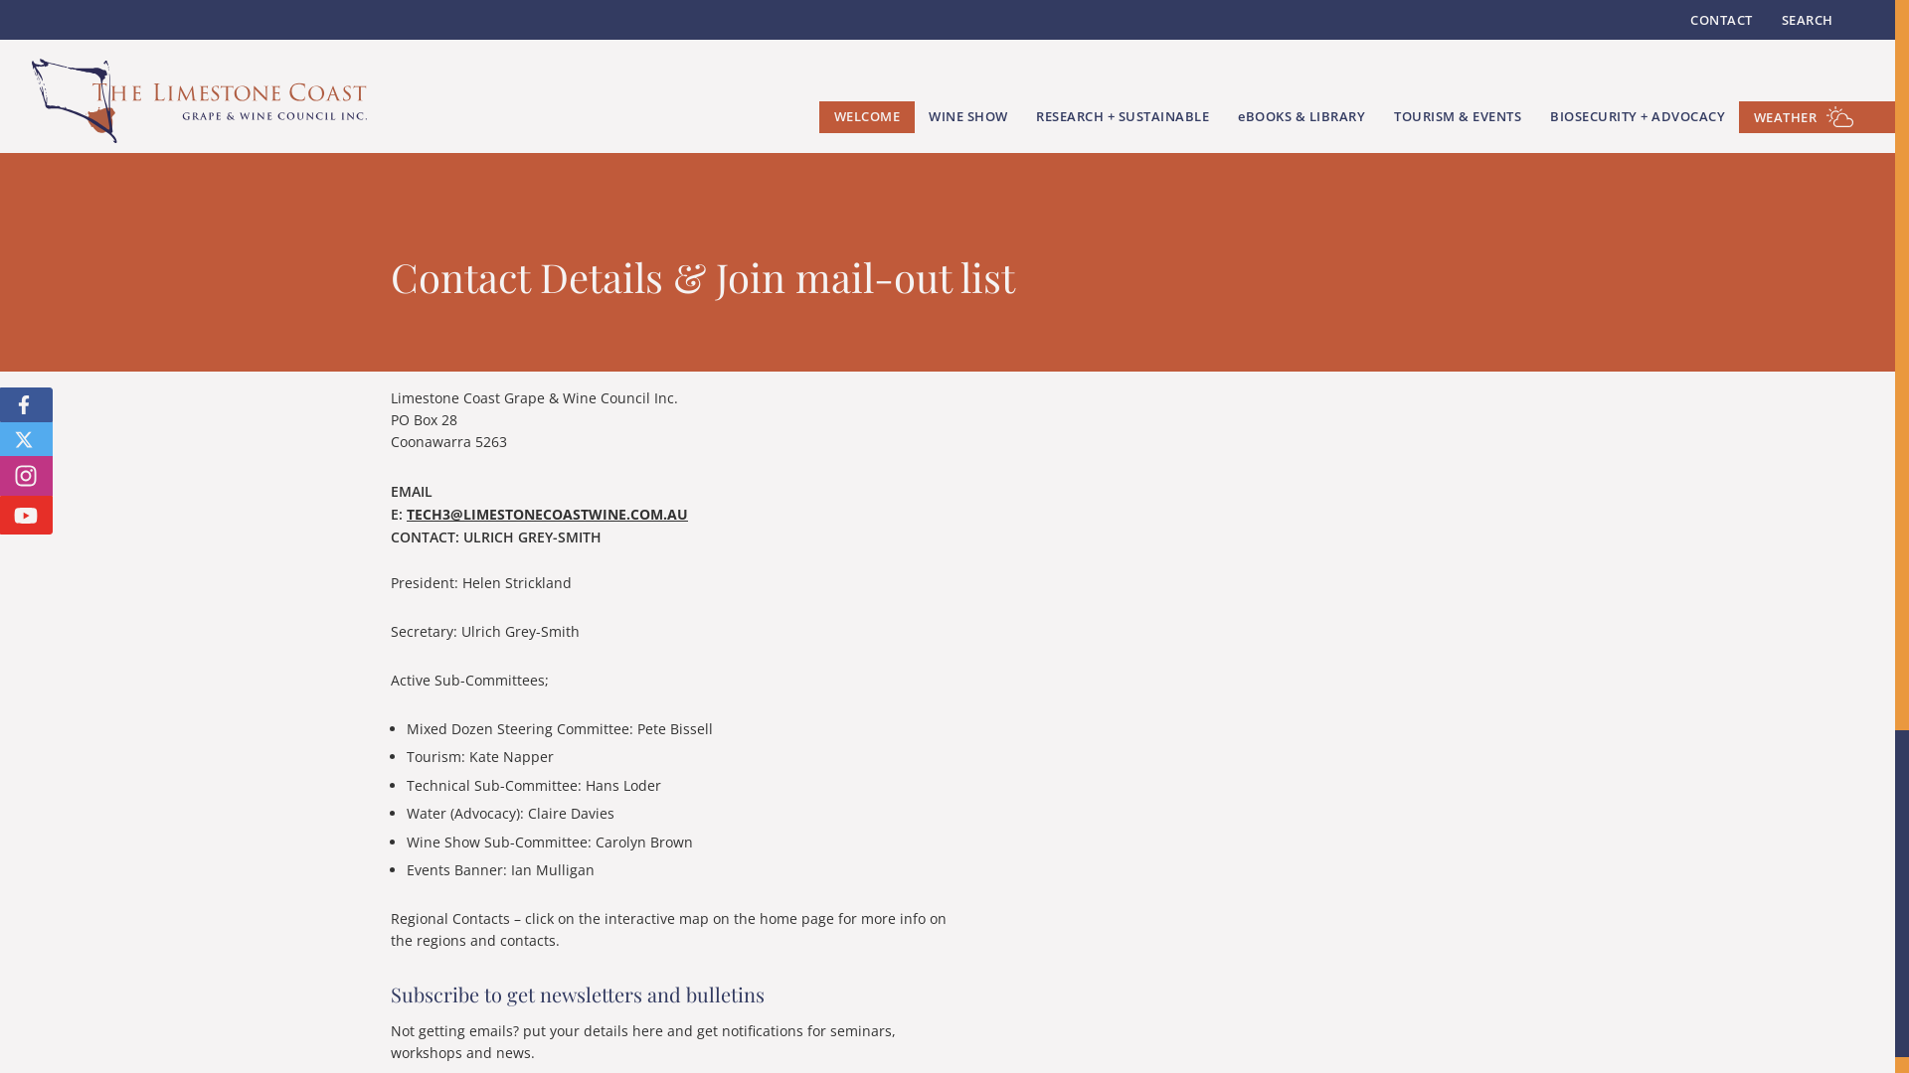  Describe the element at coordinates (26, 514) in the screenshot. I see `'FOLLOW US ON YOUTUBE'` at that location.